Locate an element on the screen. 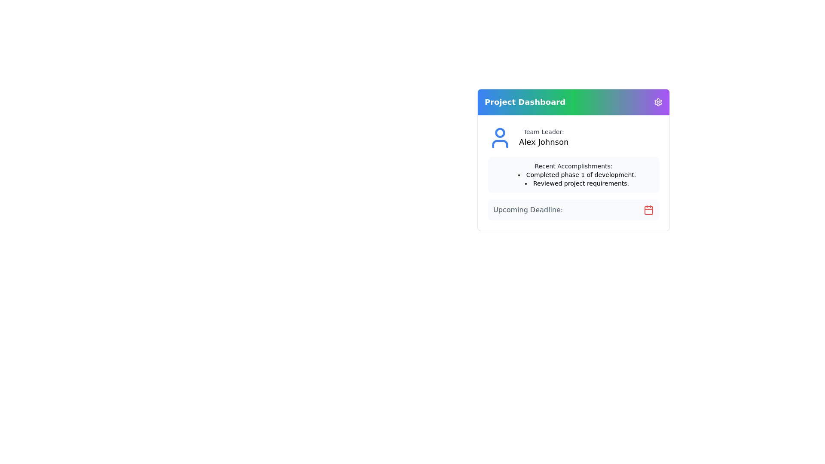 This screenshot has height=464, width=825. the Informational Section located in the middle segment of the 'Project Dashboard' card, which displays recent accomplishments and is positioned below the team leader section ('Alex Johnson') is located at coordinates (573, 174).